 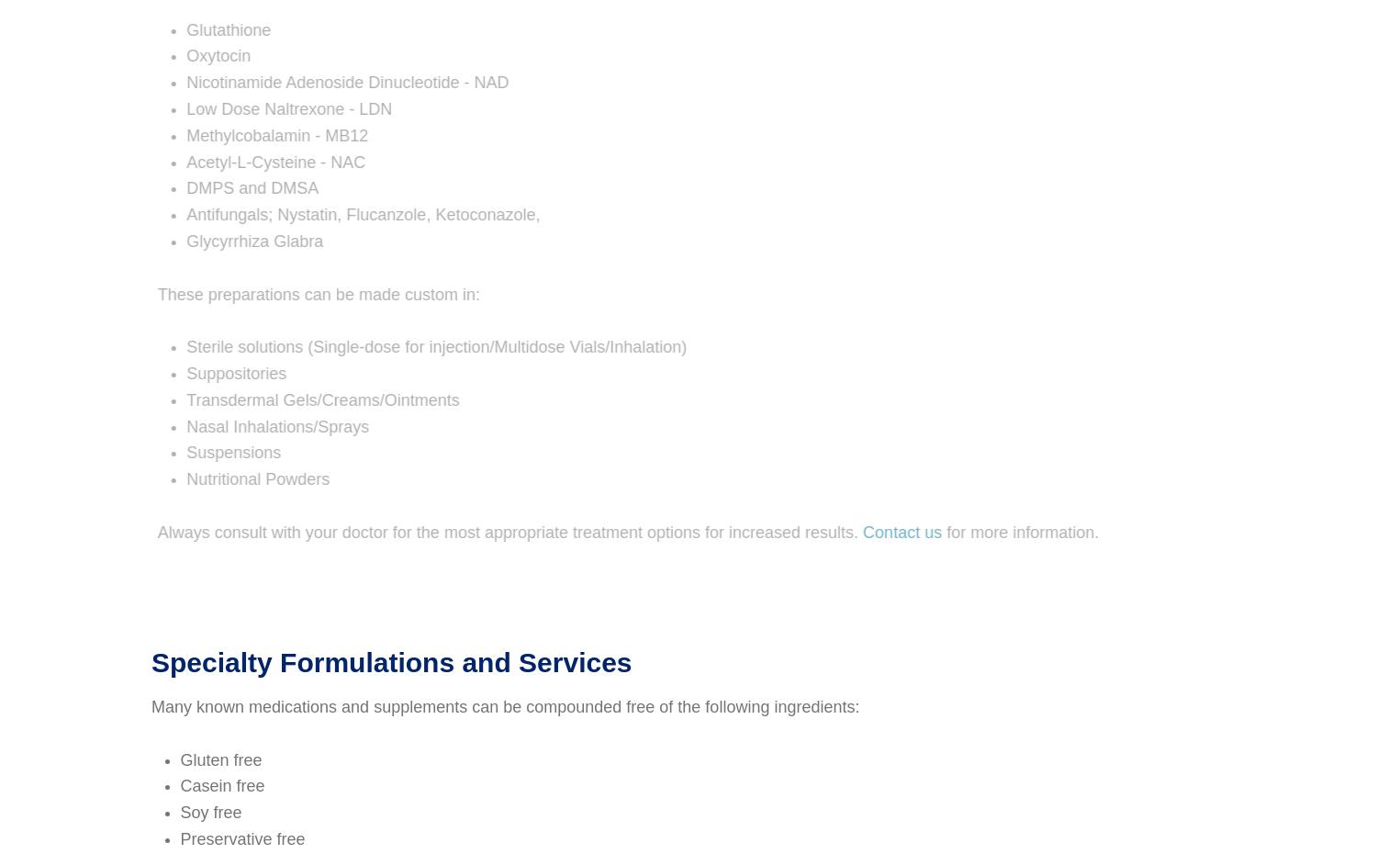 What do you see at coordinates (843, 532) in the screenshot?
I see `'Contact us'` at bounding box center [843, 532].